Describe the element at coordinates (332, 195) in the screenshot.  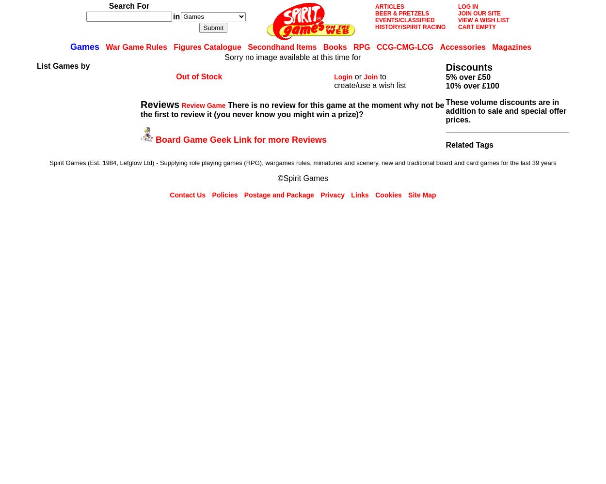
I see `'Privacy'` at that location.